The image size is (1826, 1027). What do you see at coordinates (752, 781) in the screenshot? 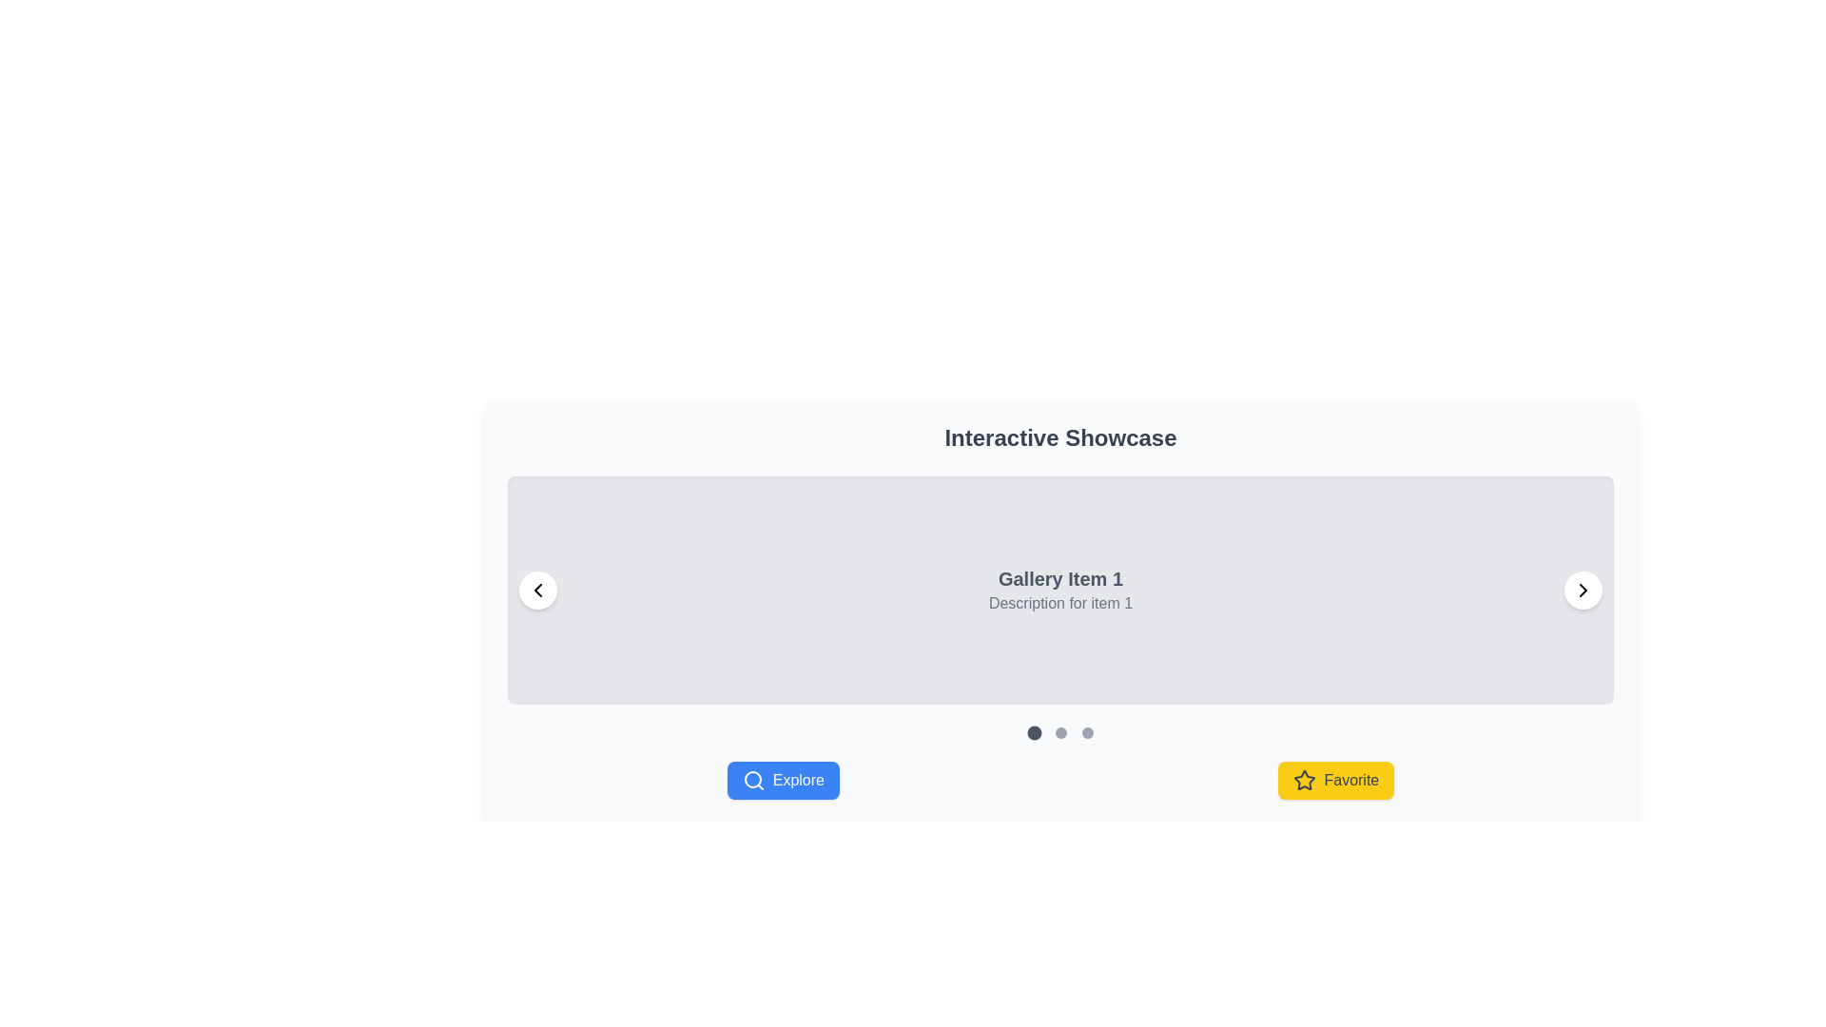
I see `the magnifying glass icon located on the blue 'Explore' button, positioned on the left side of the button next to the text` at bounding box center [752, 781].